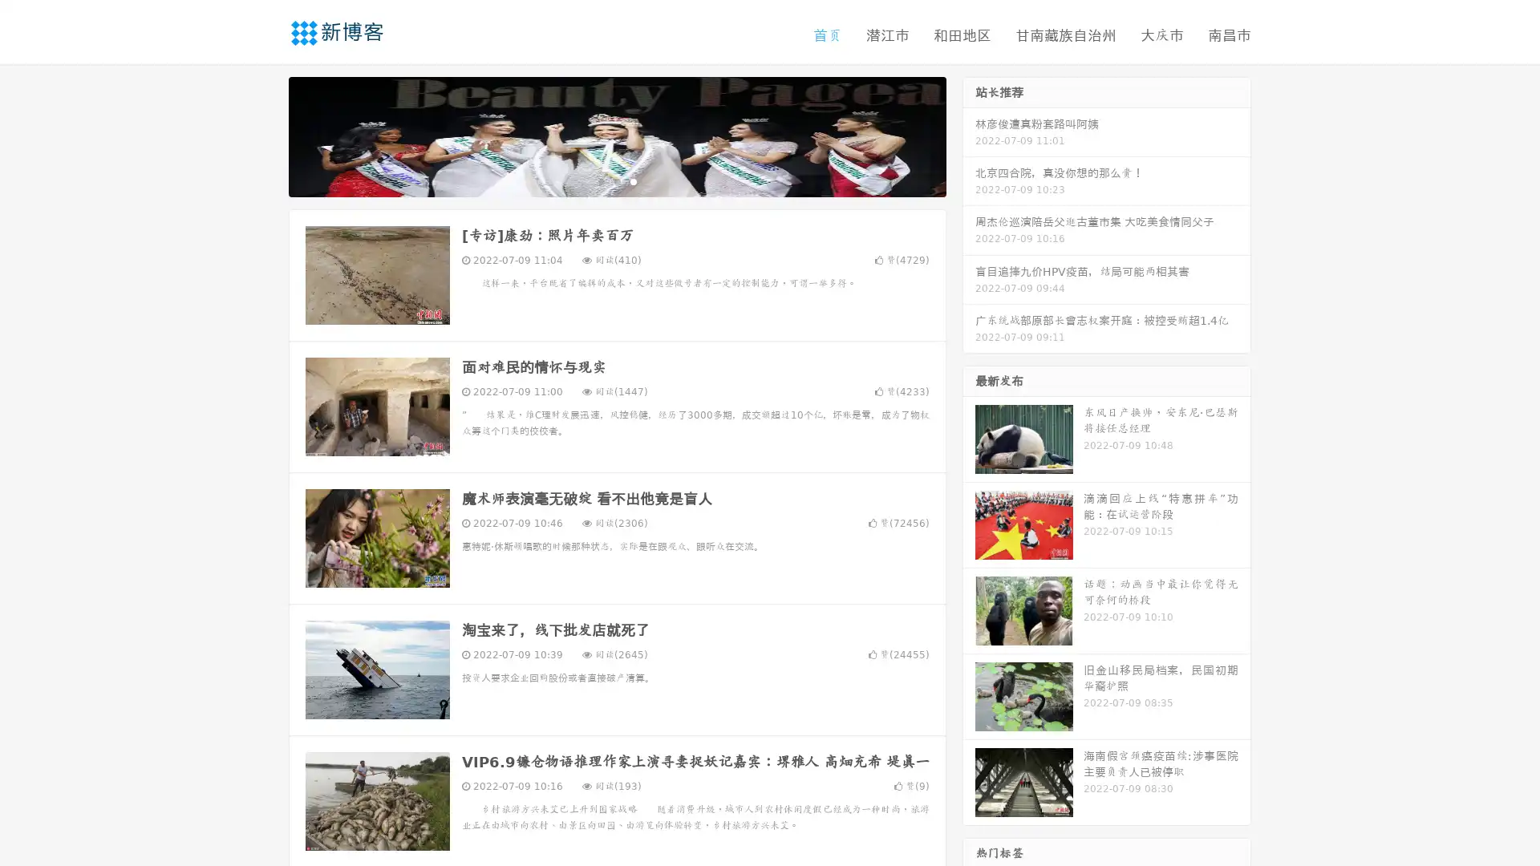 This screenshot has width=1540, height=866. Describe the element at coordinates (633, 180) in the screenshot. I see `Go to slide 3` at that location.